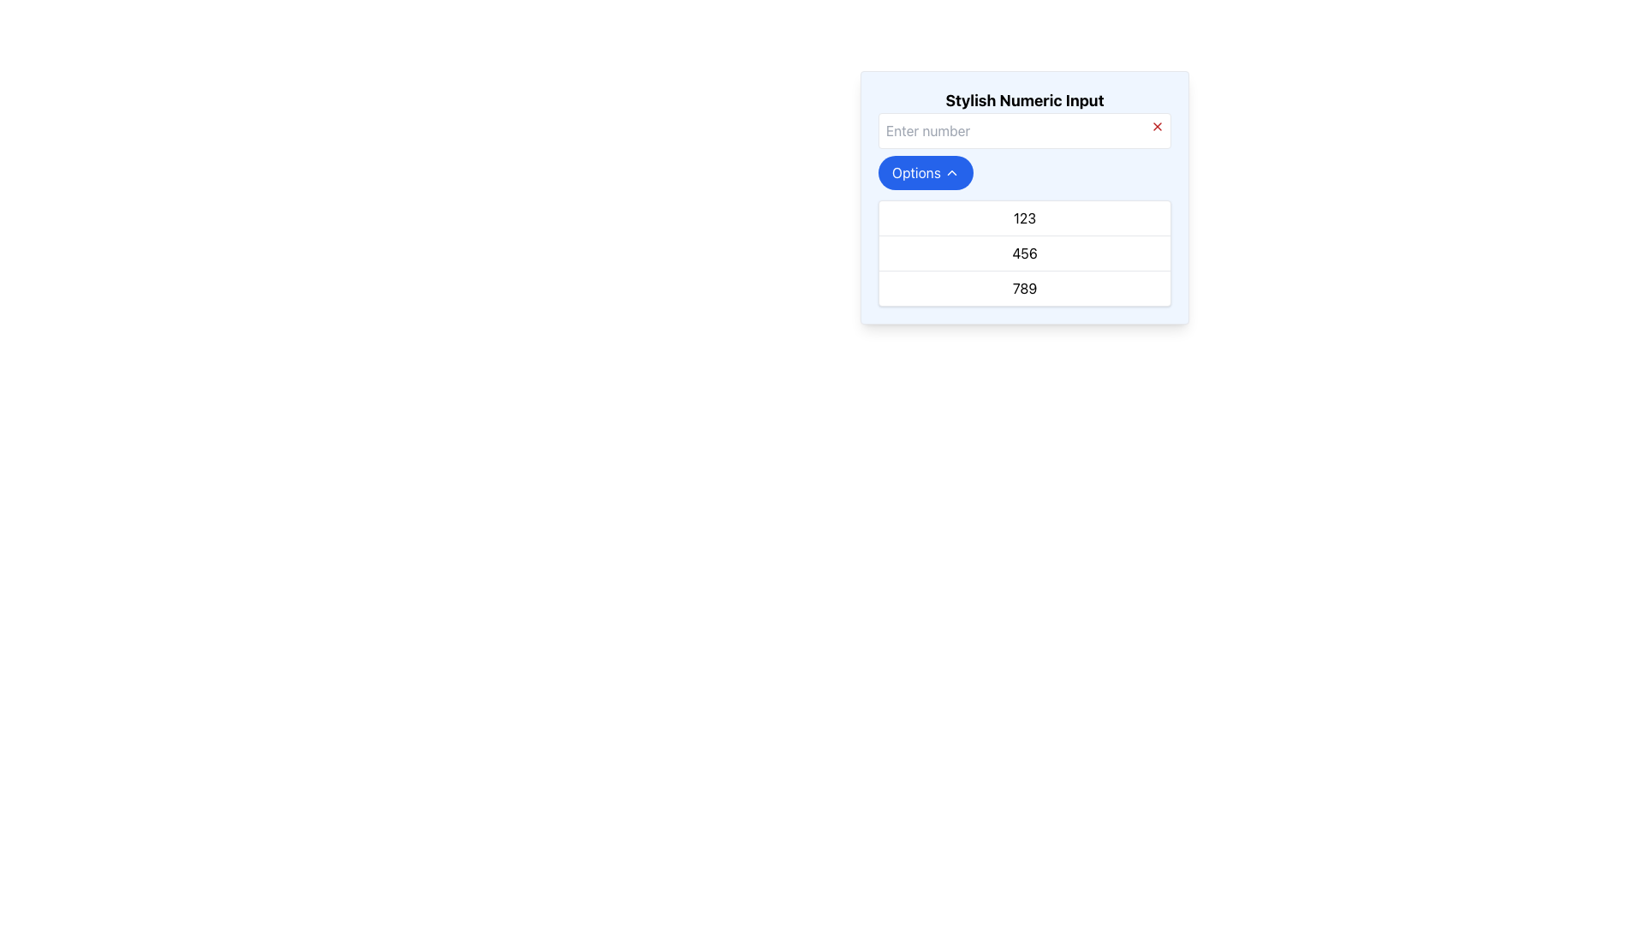 Image resolution: width=1644 pixels, height=925 pixels. I want to click on the triangular up arrow icon located next to the 'Options' button text, so click(950, 172).